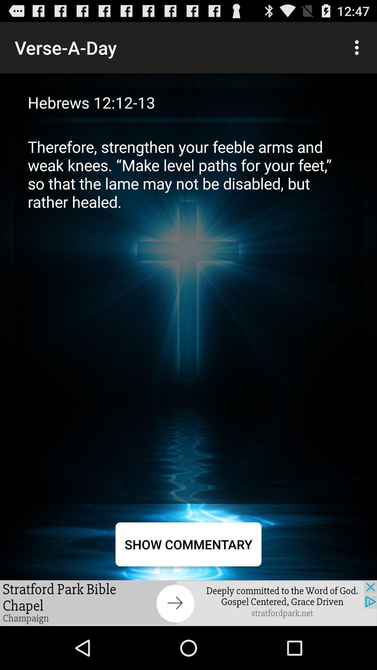  What do you see at coordinates (188, 544) in the screenshot?
I see `the icon below therefore strengthen your icon` at bounding box center [188, 544].